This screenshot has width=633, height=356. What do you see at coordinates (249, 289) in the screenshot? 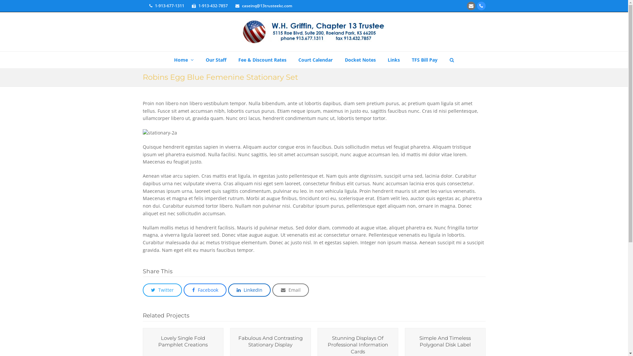
I see `'LinkedIn'` at bounding box center [249, 289].